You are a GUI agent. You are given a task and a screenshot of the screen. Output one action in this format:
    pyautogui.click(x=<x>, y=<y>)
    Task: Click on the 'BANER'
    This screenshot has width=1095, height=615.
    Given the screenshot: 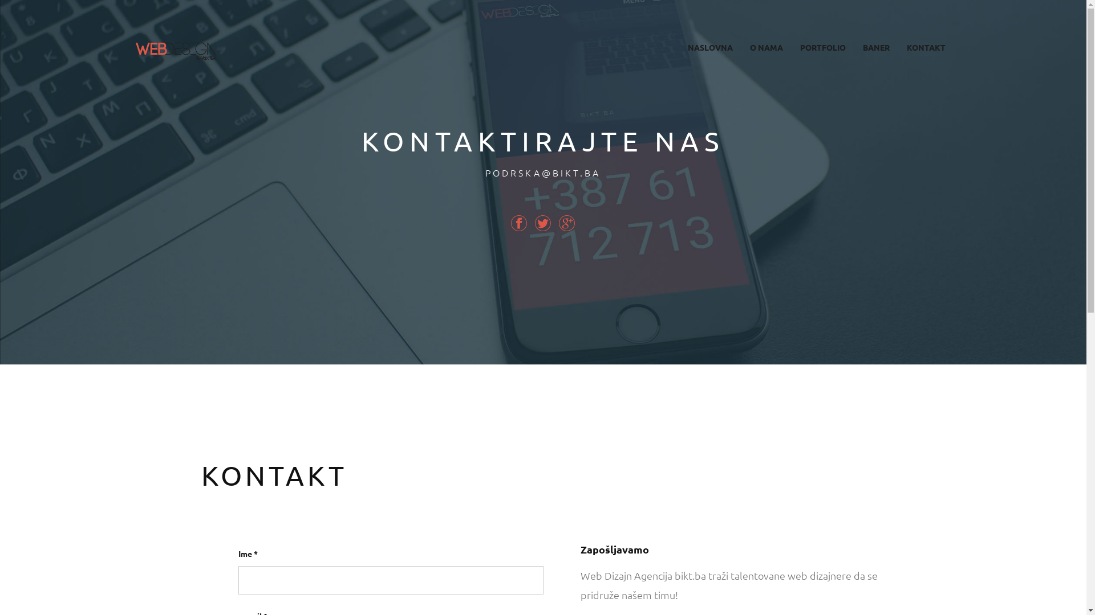 What is the action you would take?
    pyautogui.click(x=875, y=47)
    